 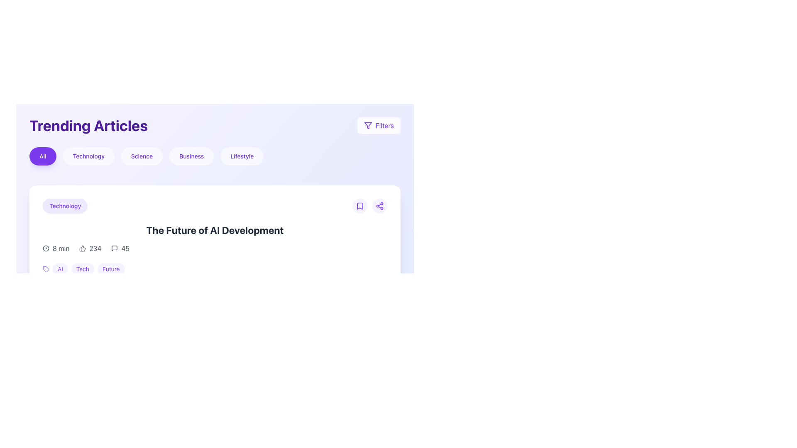 What do you see at coordinates (369, 206) in the screenshot?
I see `the interactive button group located in the upper-right corner of the content area, which includes the bookmark and share buttons for effects` at bounding box center [369, 206].